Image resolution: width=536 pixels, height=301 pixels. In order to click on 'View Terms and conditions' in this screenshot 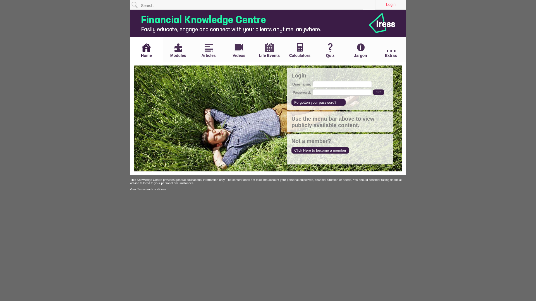, I will do `click(148, 189)`.